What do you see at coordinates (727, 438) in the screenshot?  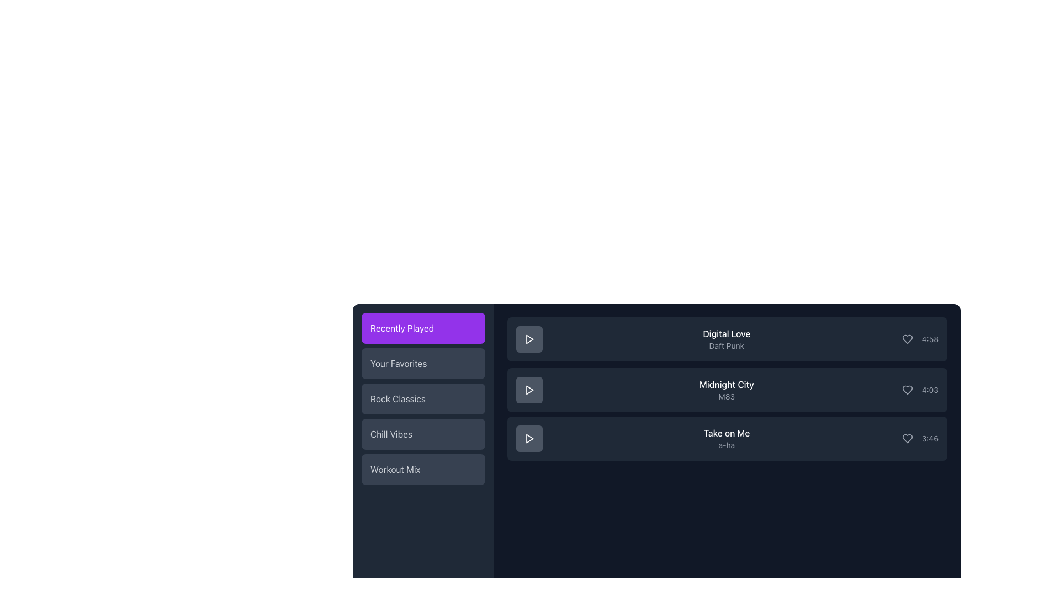 I see `the text display for the track information, which shows the track name and artist` at bounding box center [727, 438].